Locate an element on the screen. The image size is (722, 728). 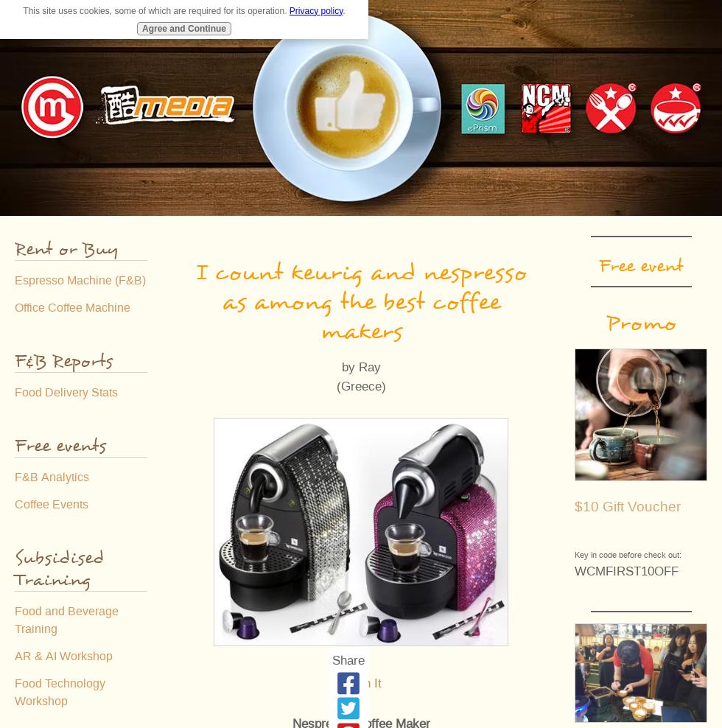
'Office Coffee Machine' is located at coordinates (72, 307).